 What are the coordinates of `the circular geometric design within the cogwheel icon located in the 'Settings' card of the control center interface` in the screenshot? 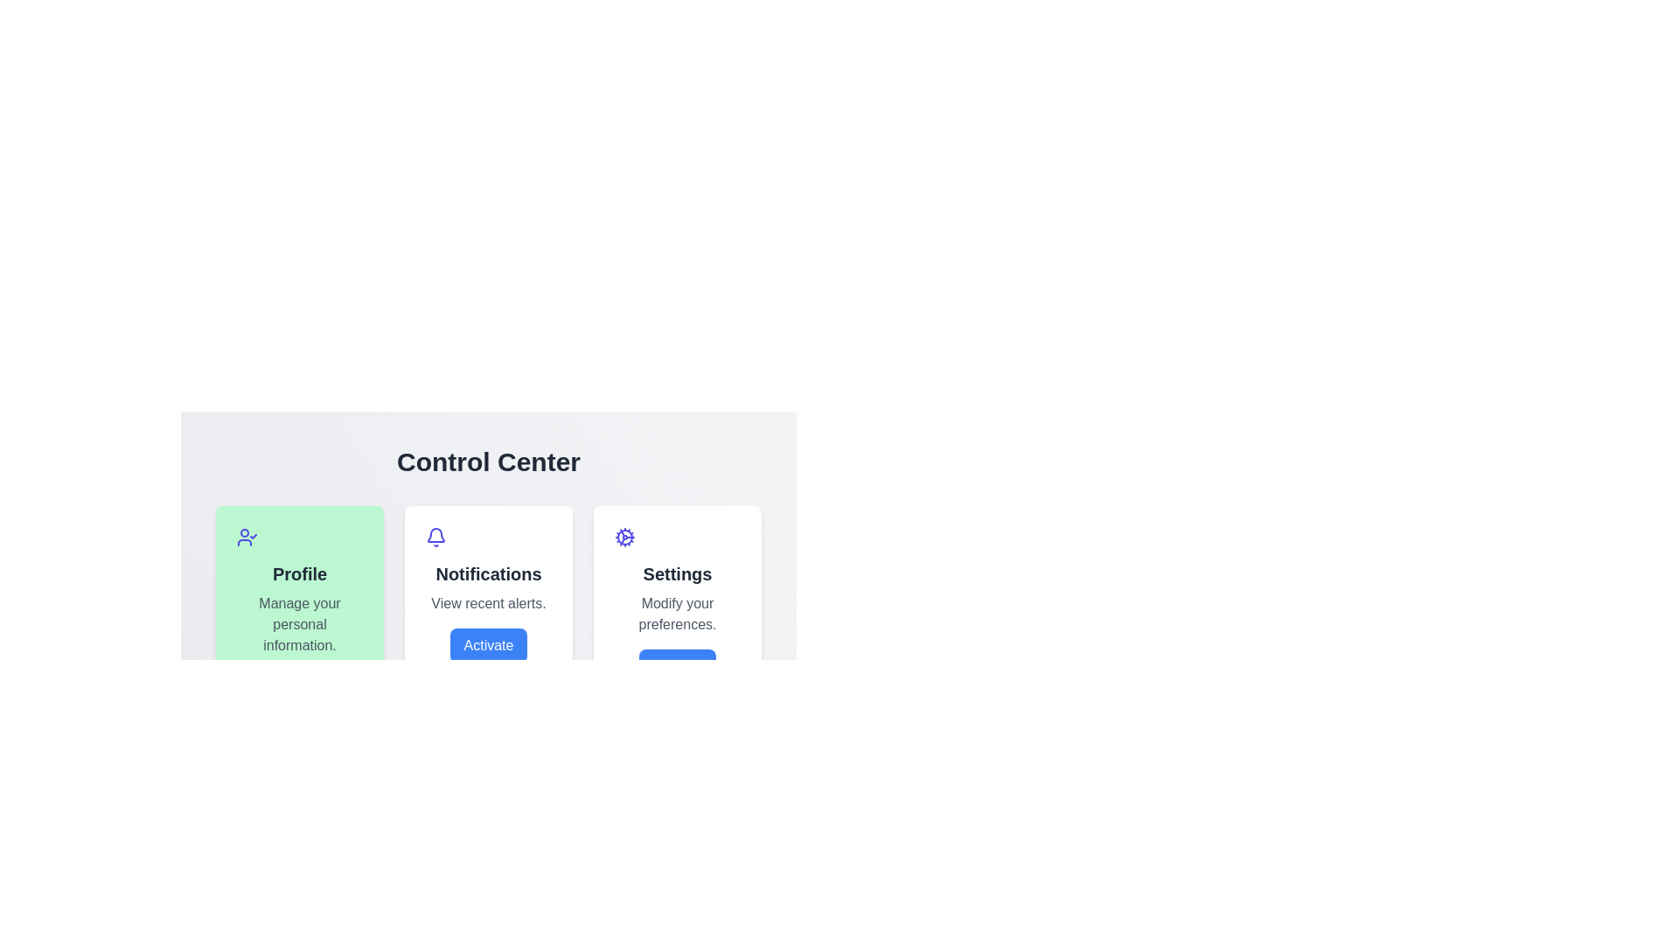 It's located at (625, 536).